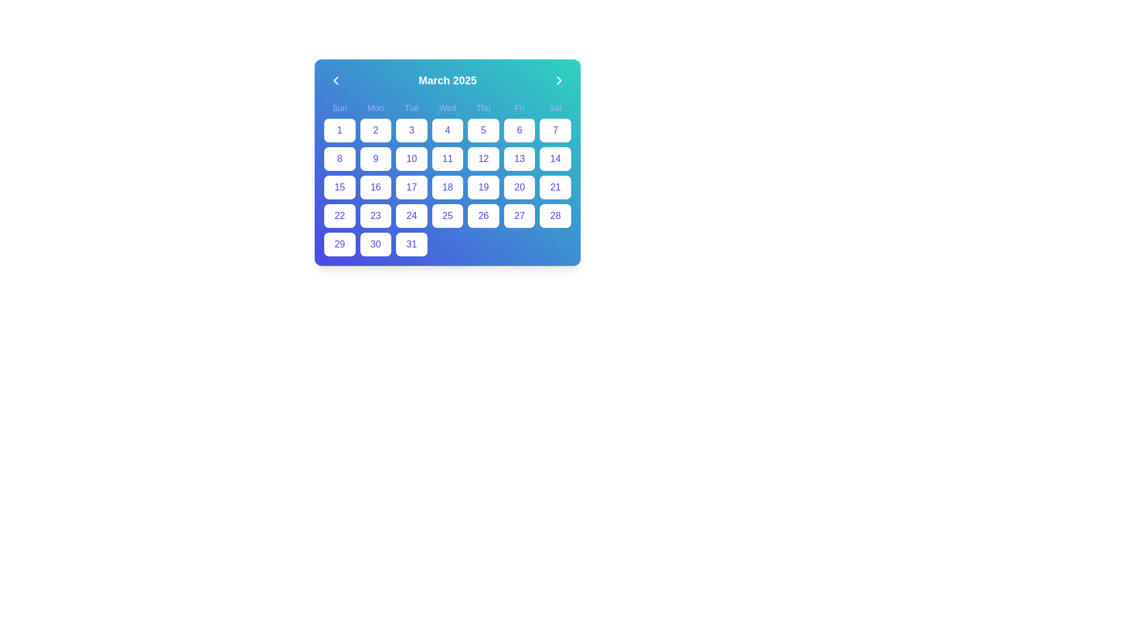 The height and width of the screenshot is (641, 1140). What do you see at coordinates (558, 80) in the screenshot?
I see `the navigation button located at the top-right corner of the calendar interface` at bounding box center [558, 80].